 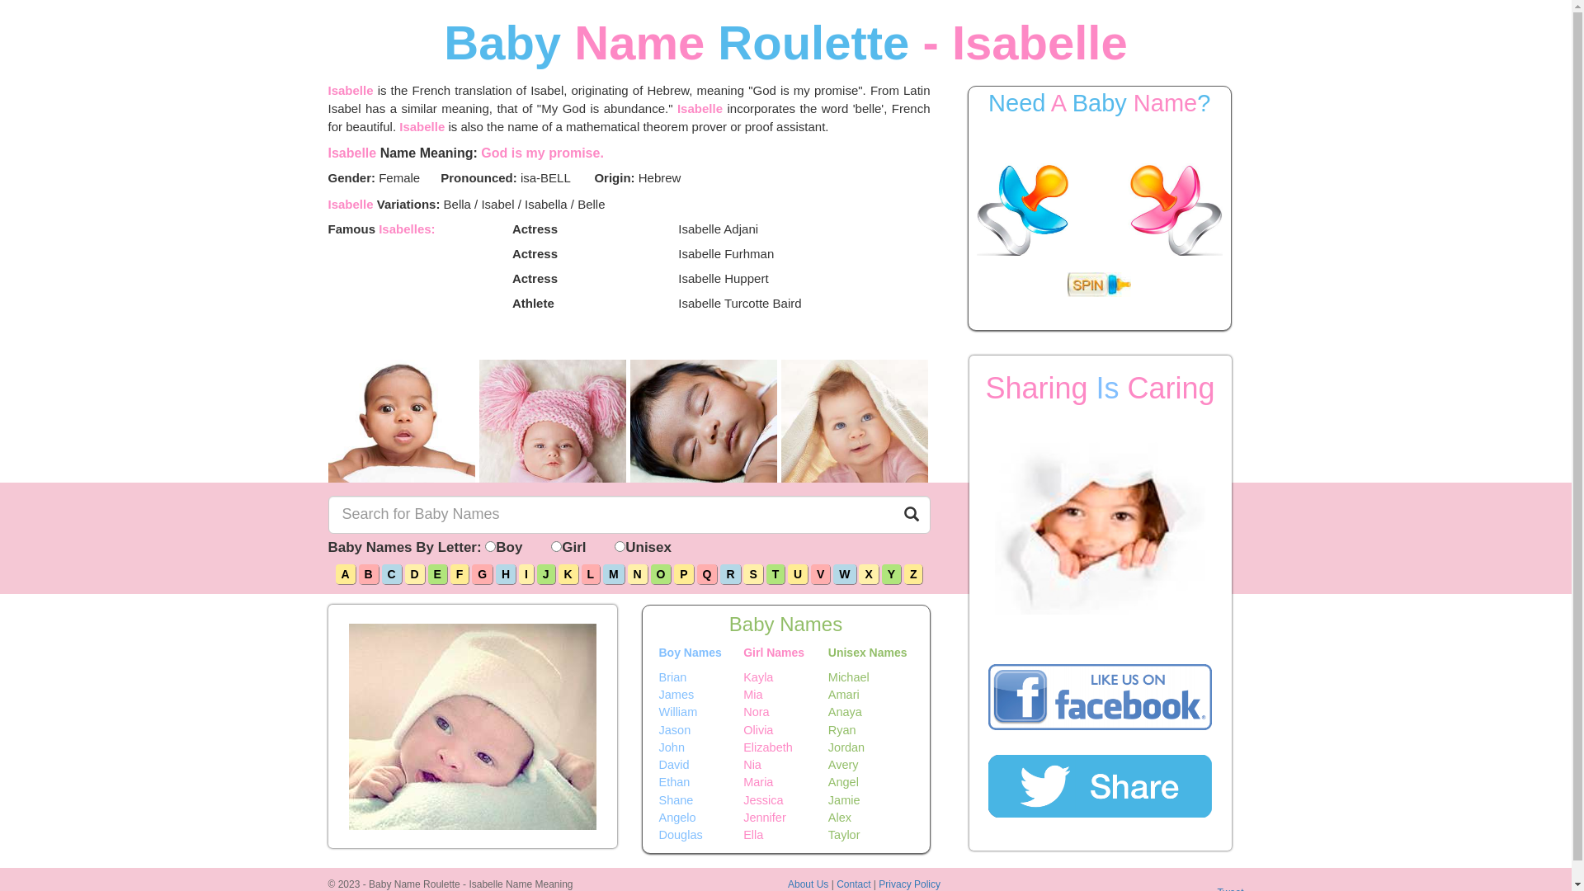 I want to click on 'Jason', so click(x=657, y=728).